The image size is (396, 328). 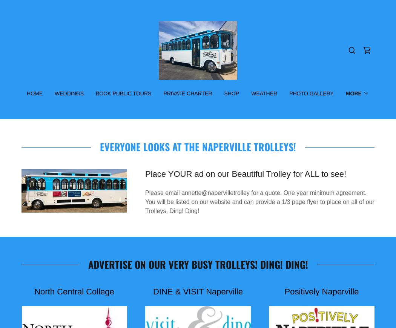 What do you see at coordinates (245, 173) in the screenshot?
I see `'Place YOUR ad on our Beautiful Trolley for ALL to see!'` at bounding box center [245, 173].